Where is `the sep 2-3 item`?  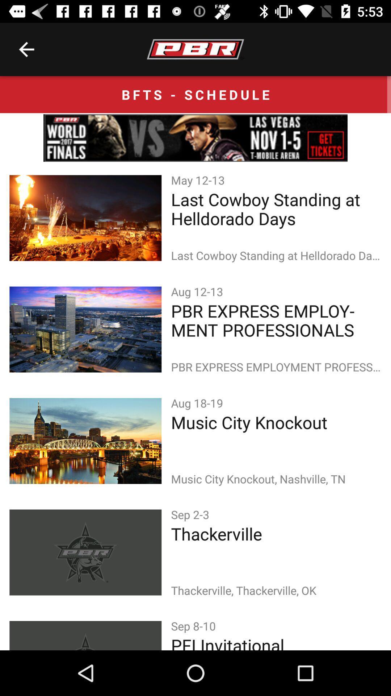 the sep 2-3 item is located at coordinates (191, 514).